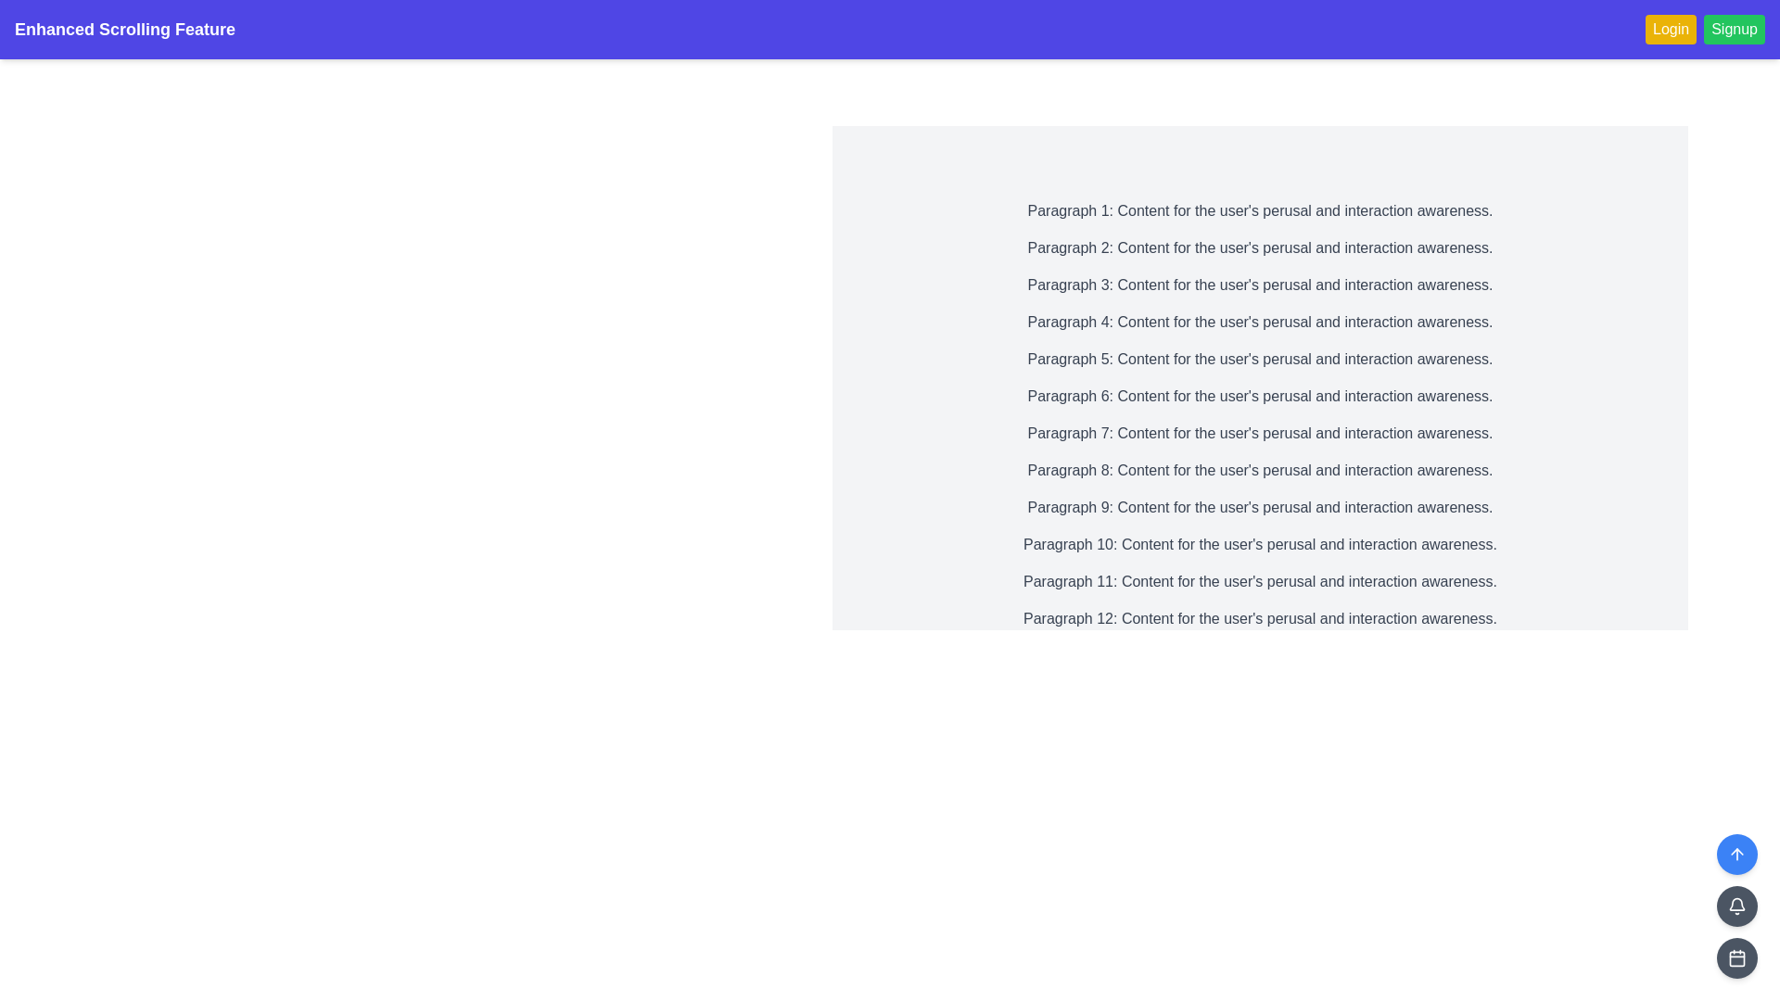 This screenshot has width=1780, height=1001. Describe the element at coordinates (1734, 29) in the screenshot. I see `the signup button located in the top-right corner of the interface, which is the second button in a horizontal group of two, following the 'Login' button with a yellow background, to initiate the signup process` at that location.